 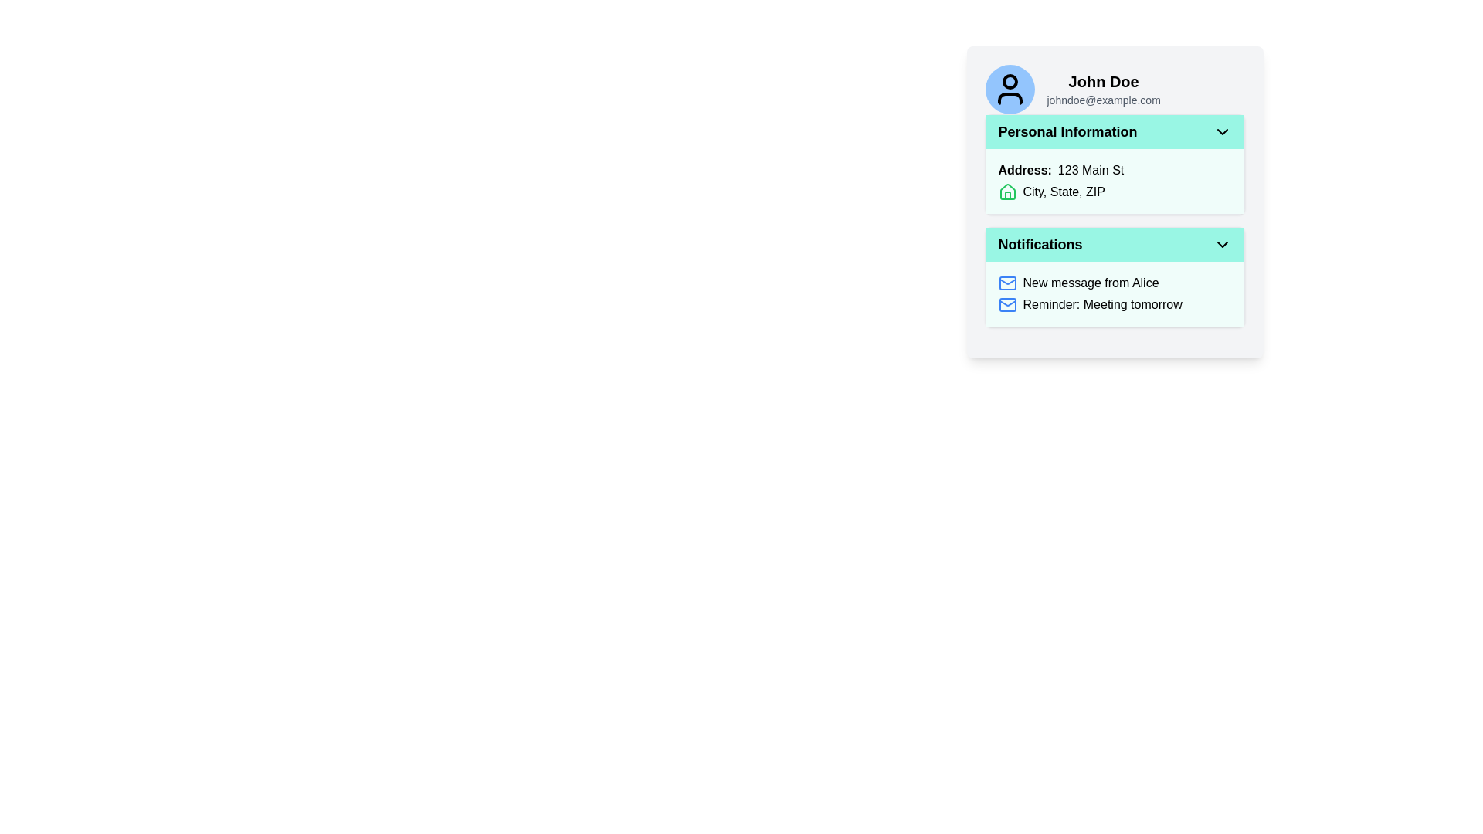 What do you see at coordinates (1007, 283) in the screenshot?
I see `the small white rectangular UI component with rounded corners that represents the main body of the envelope icon in the Notifications section of the user profile card` at bounding box center [1007, 283].